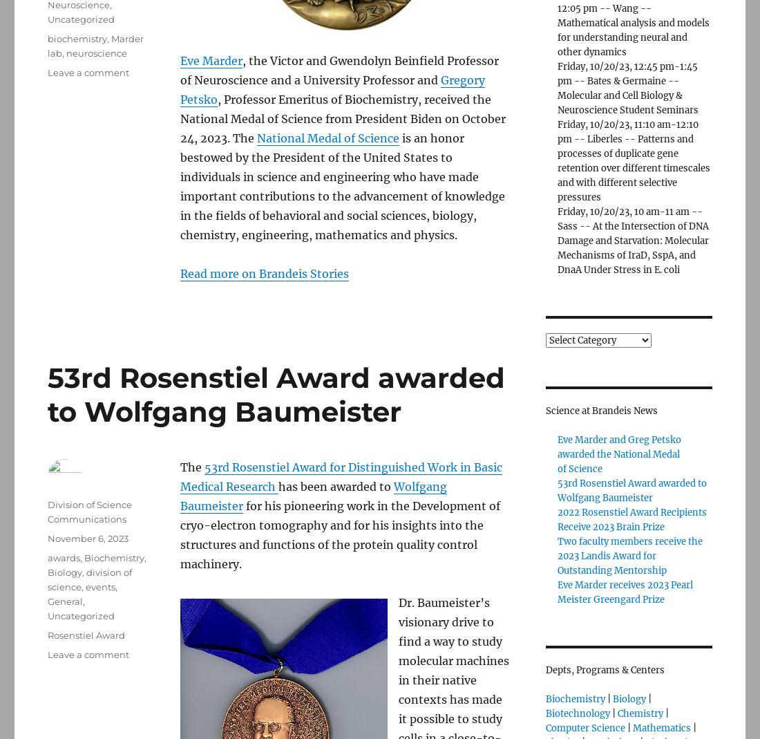 The image size is (760, 739). What do you see at coordinates (211, 59) in the screenshot?
I see `'Eve Marder'` at bounding box center [211, 59].